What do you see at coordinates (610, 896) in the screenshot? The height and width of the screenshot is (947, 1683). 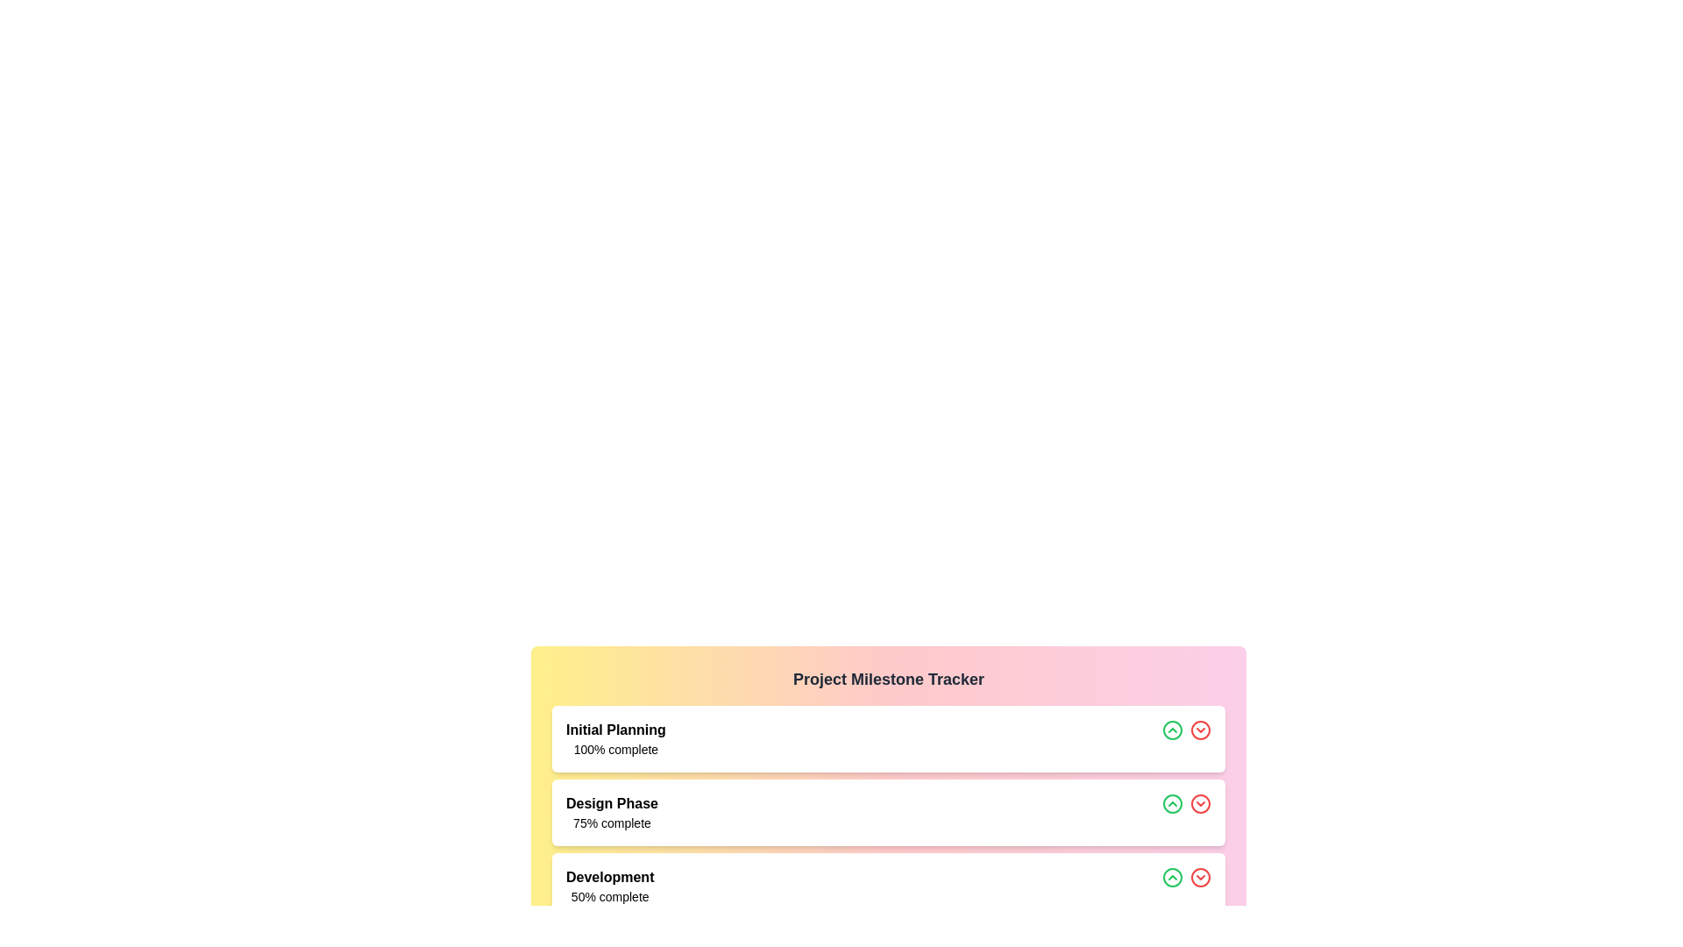 I see `the Text Label indicating that the 'Development' milestone is 50% complete, located beneath the title text 'Development'` at bounding box center [610, 896].